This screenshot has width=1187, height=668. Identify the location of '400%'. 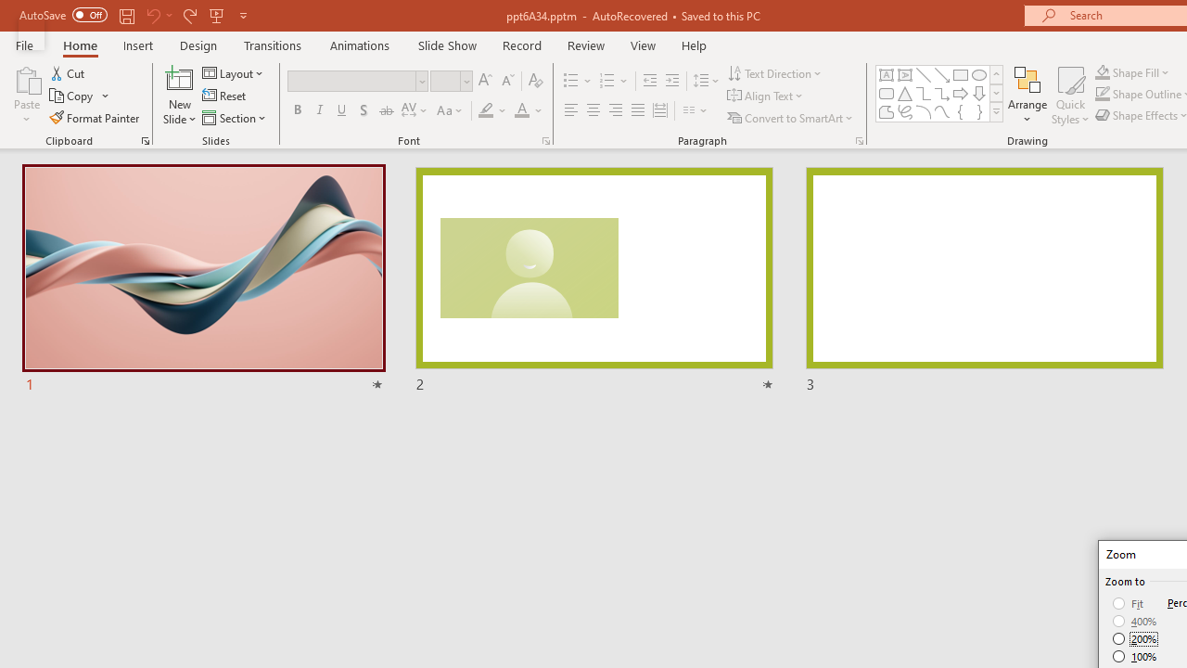
(1134, 621).